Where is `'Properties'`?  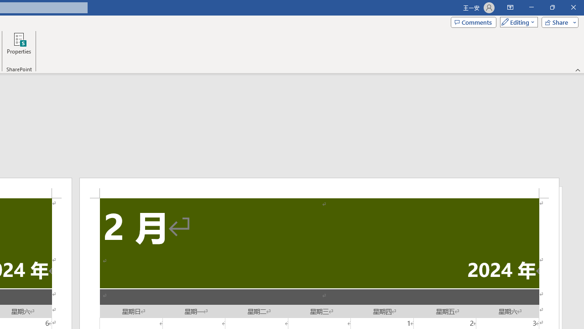
'Properties' is located at coordinates (19, 47).